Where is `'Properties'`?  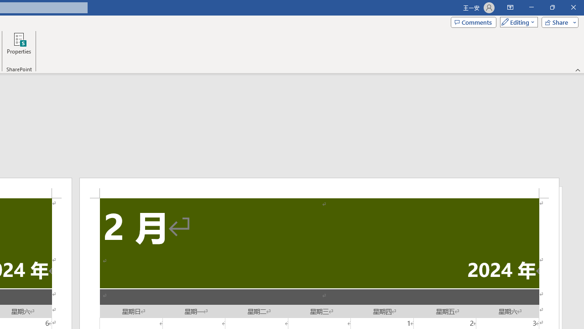
'Properties' is located at coordinates (19, 47).